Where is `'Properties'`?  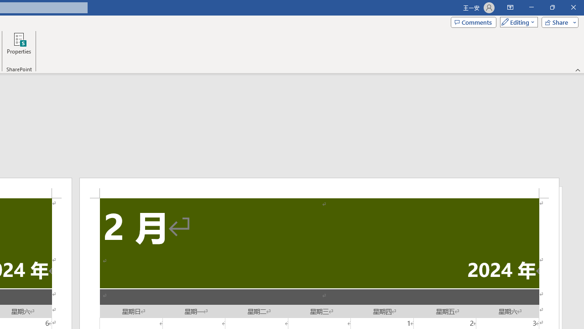
'Properties' is located at coordinates (19, 47).